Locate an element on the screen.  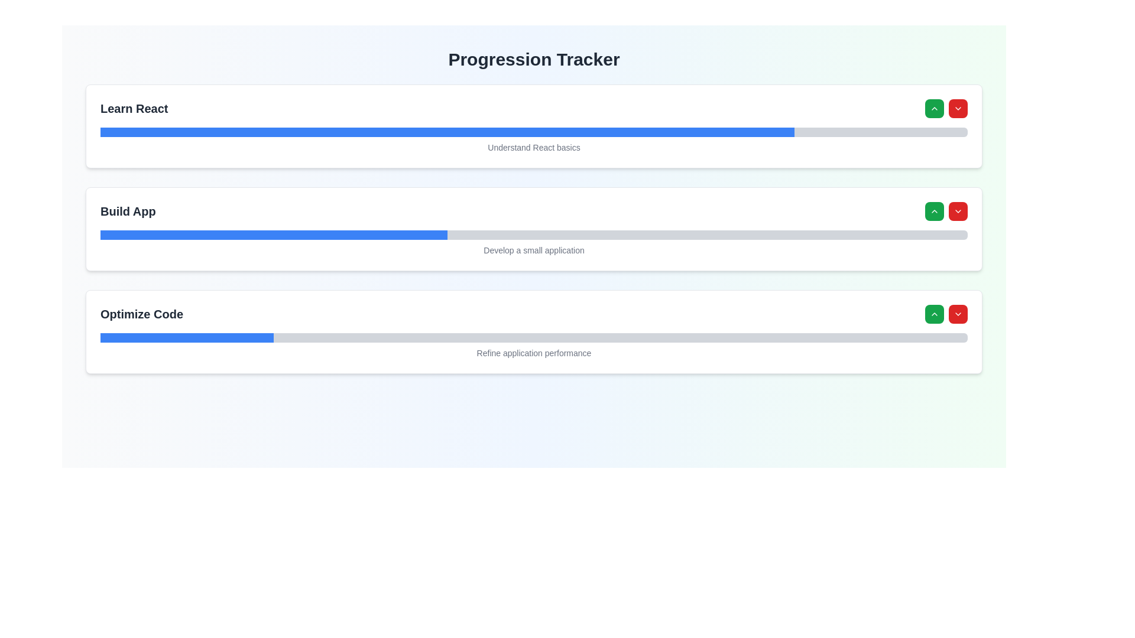
the second progress bar below the 'Build App' title and above the 'Develop a small application' label, which has a gray background and a blue completion section is located at coordinates (533, 235).